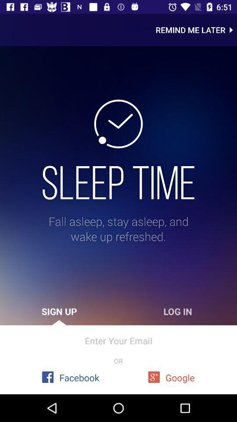  Describe the element at coordinates (178, 311) in the screenshot. I see `log in` at that location.